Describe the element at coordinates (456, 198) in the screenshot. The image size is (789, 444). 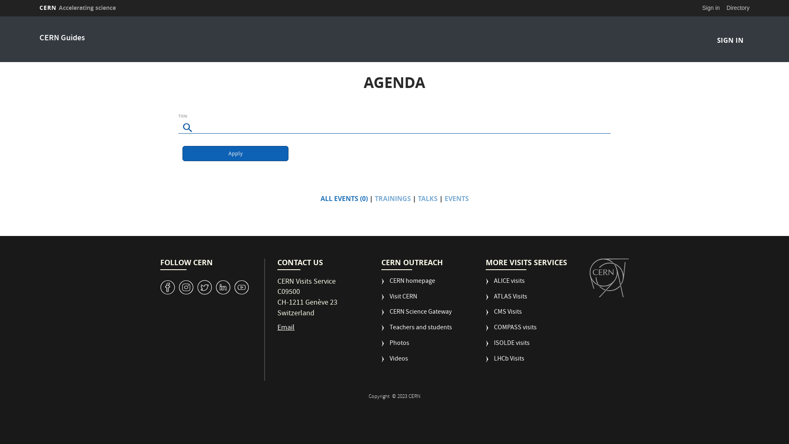
I see `'EVENTS'` at that location.